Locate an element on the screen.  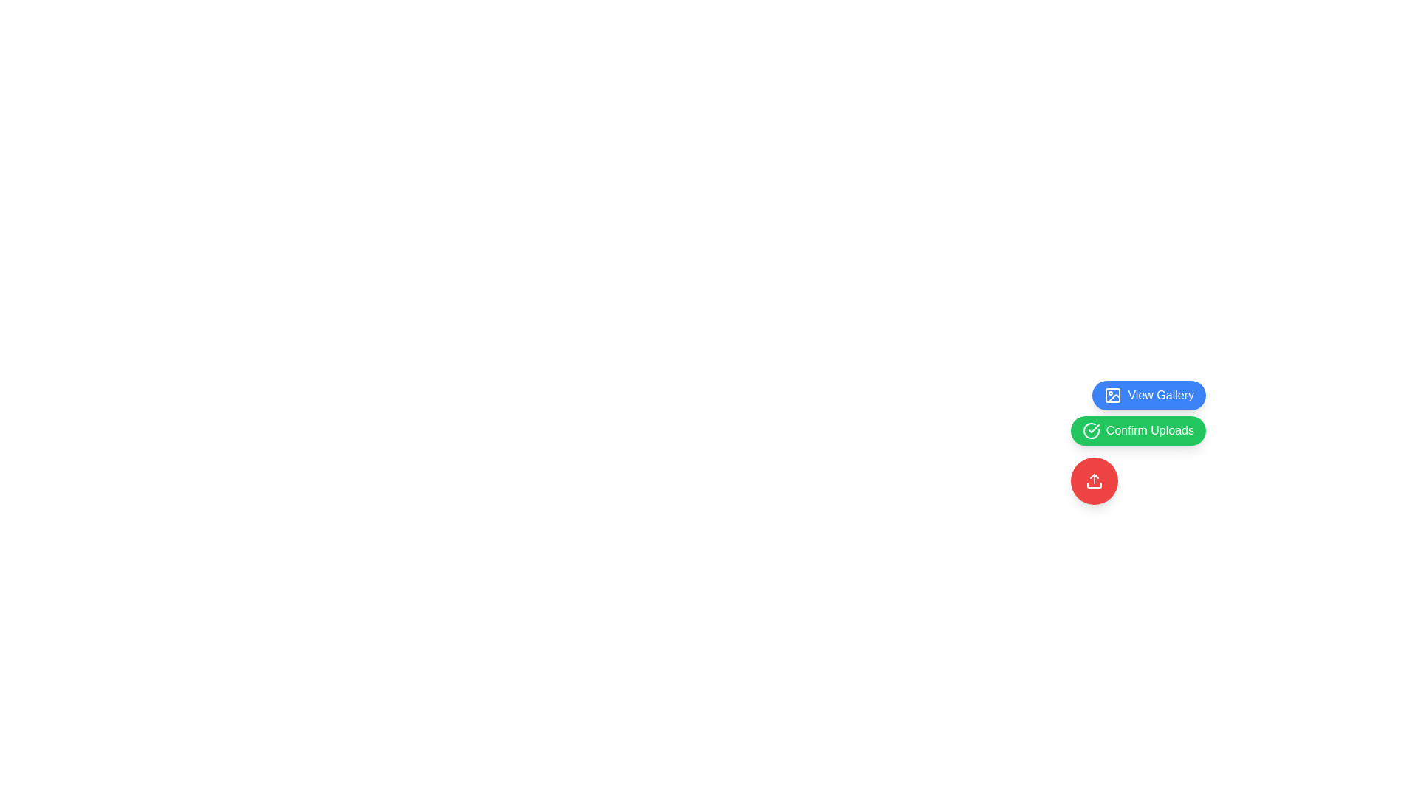
the confirmation icon located to the left of the 'Confirm Uploads' button, which is the middle button in the bottom-right quadrant of the interface is located at coordinates (1091, 430).